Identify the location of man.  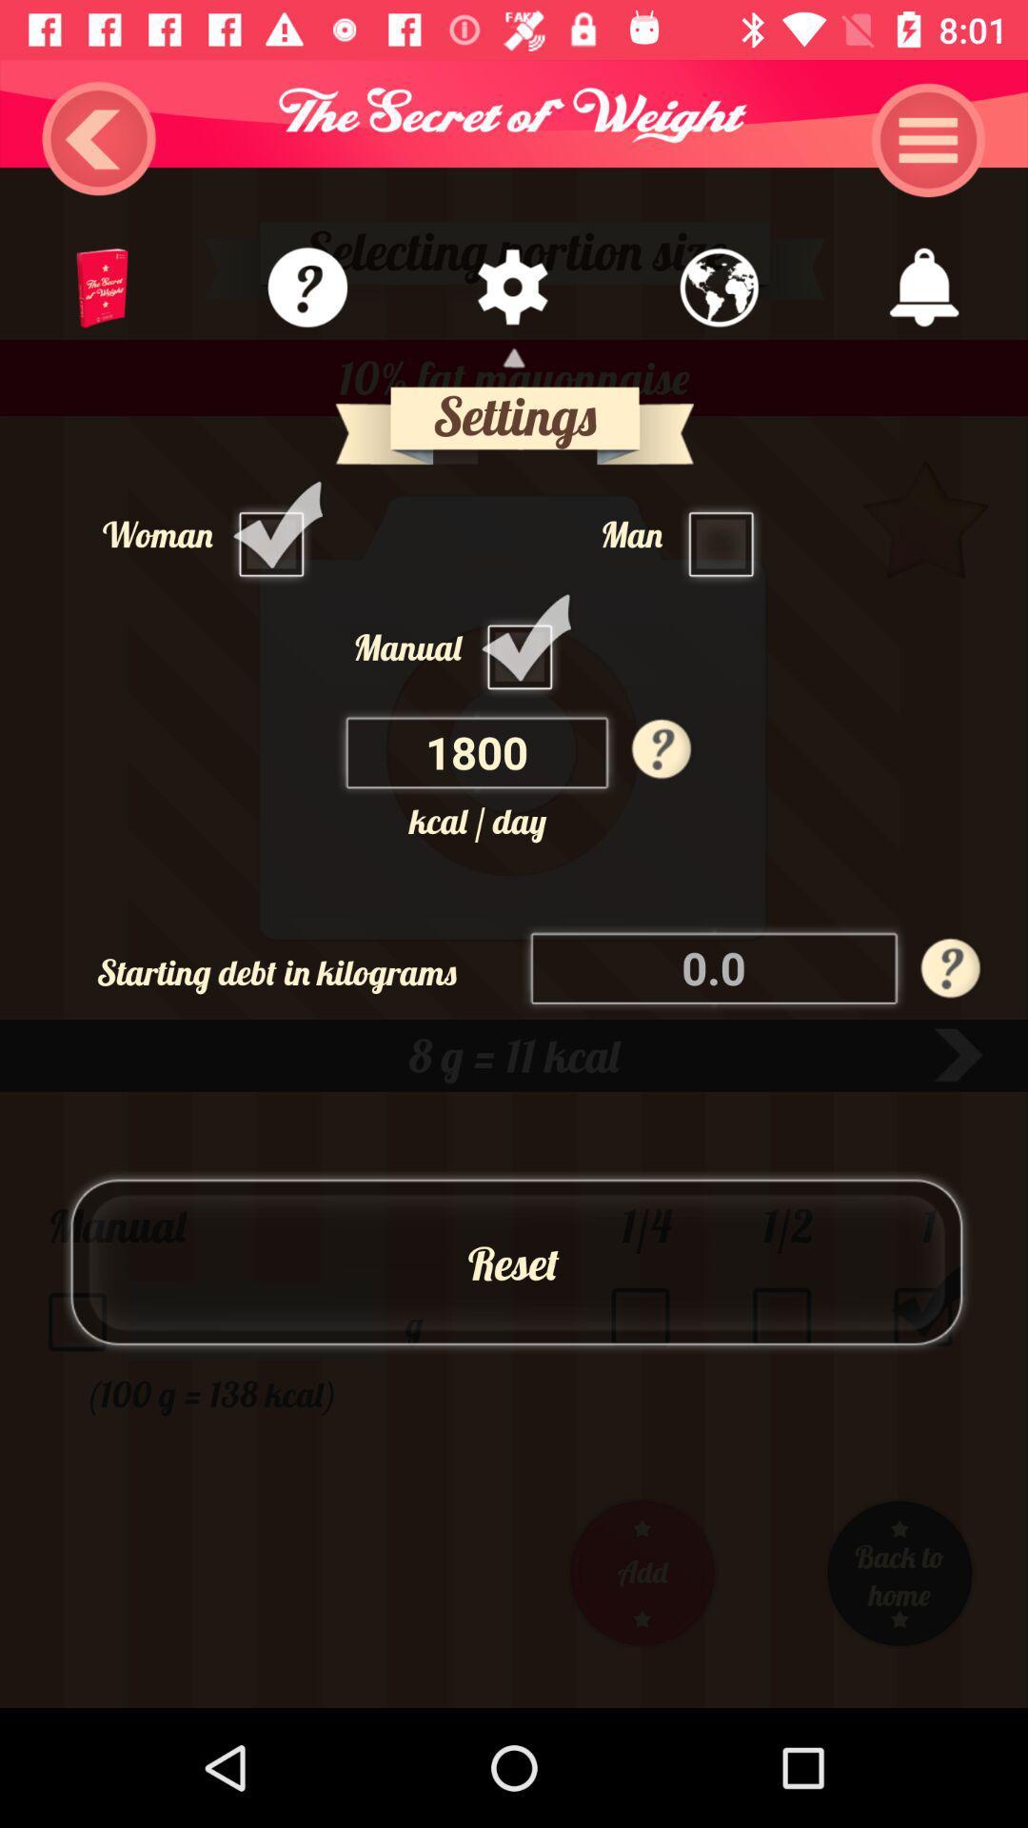
(726, 533).